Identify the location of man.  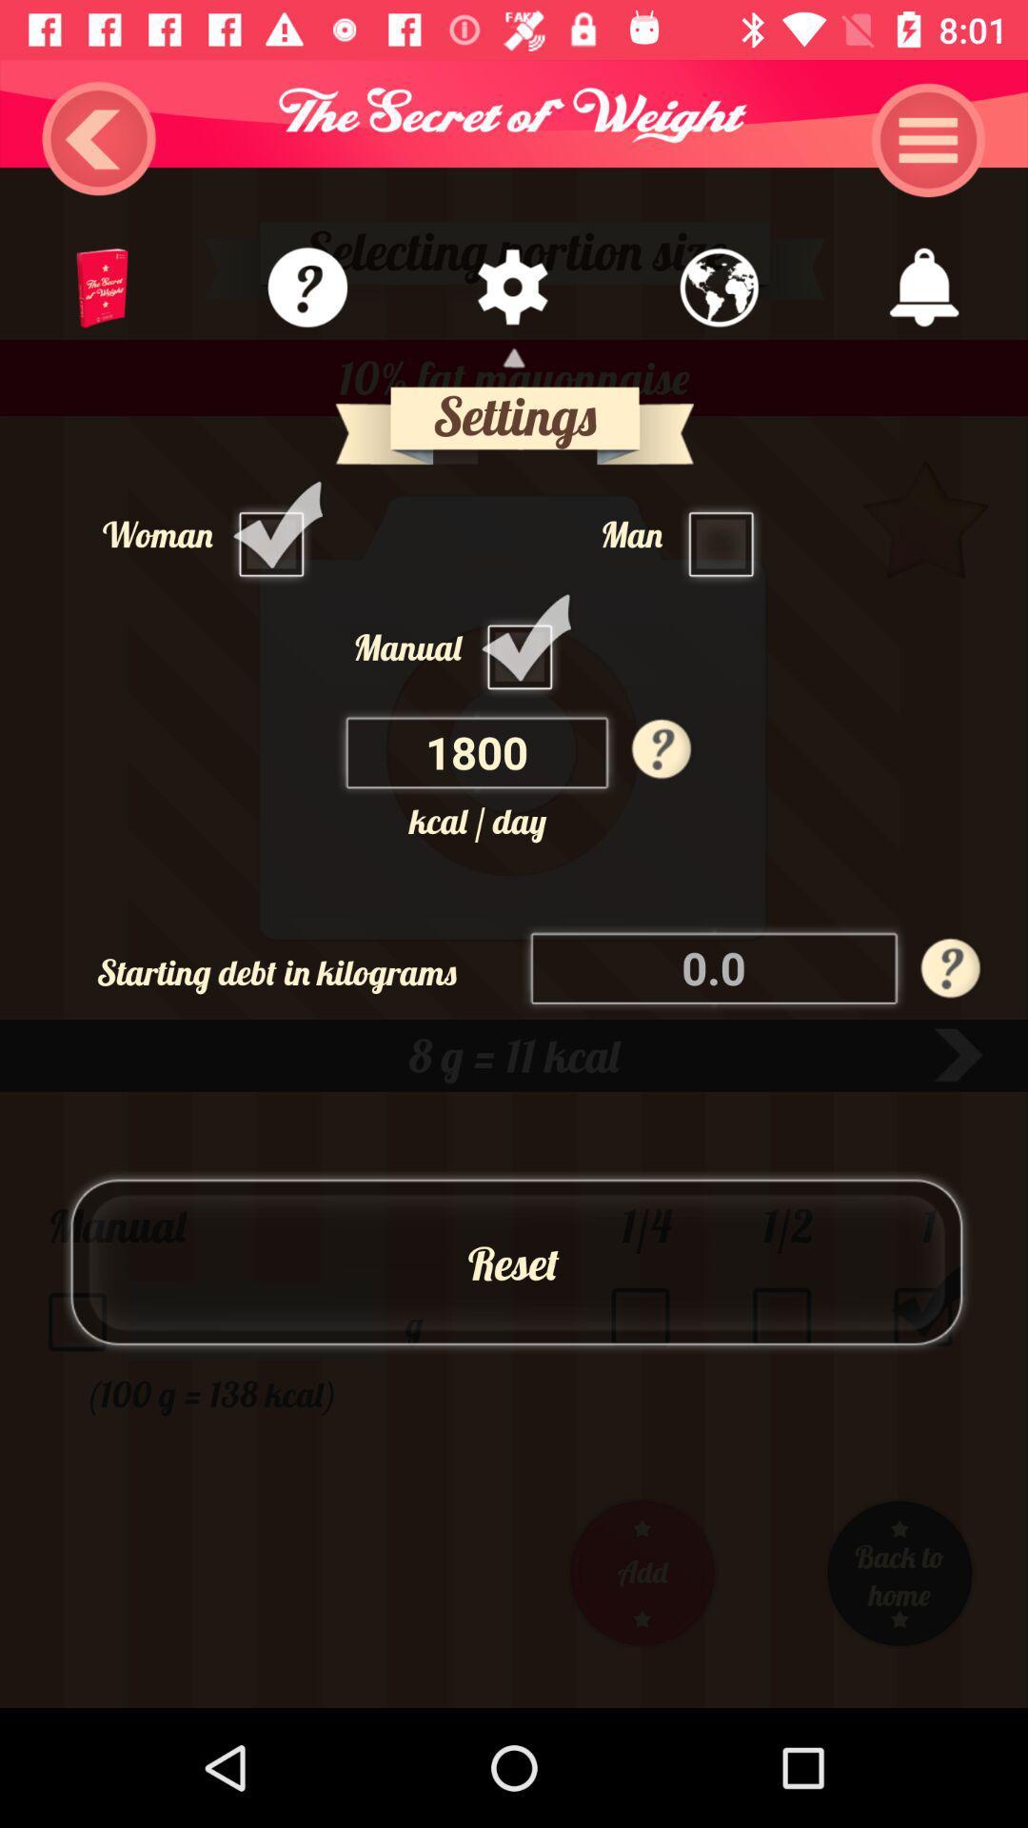
(726, 533).